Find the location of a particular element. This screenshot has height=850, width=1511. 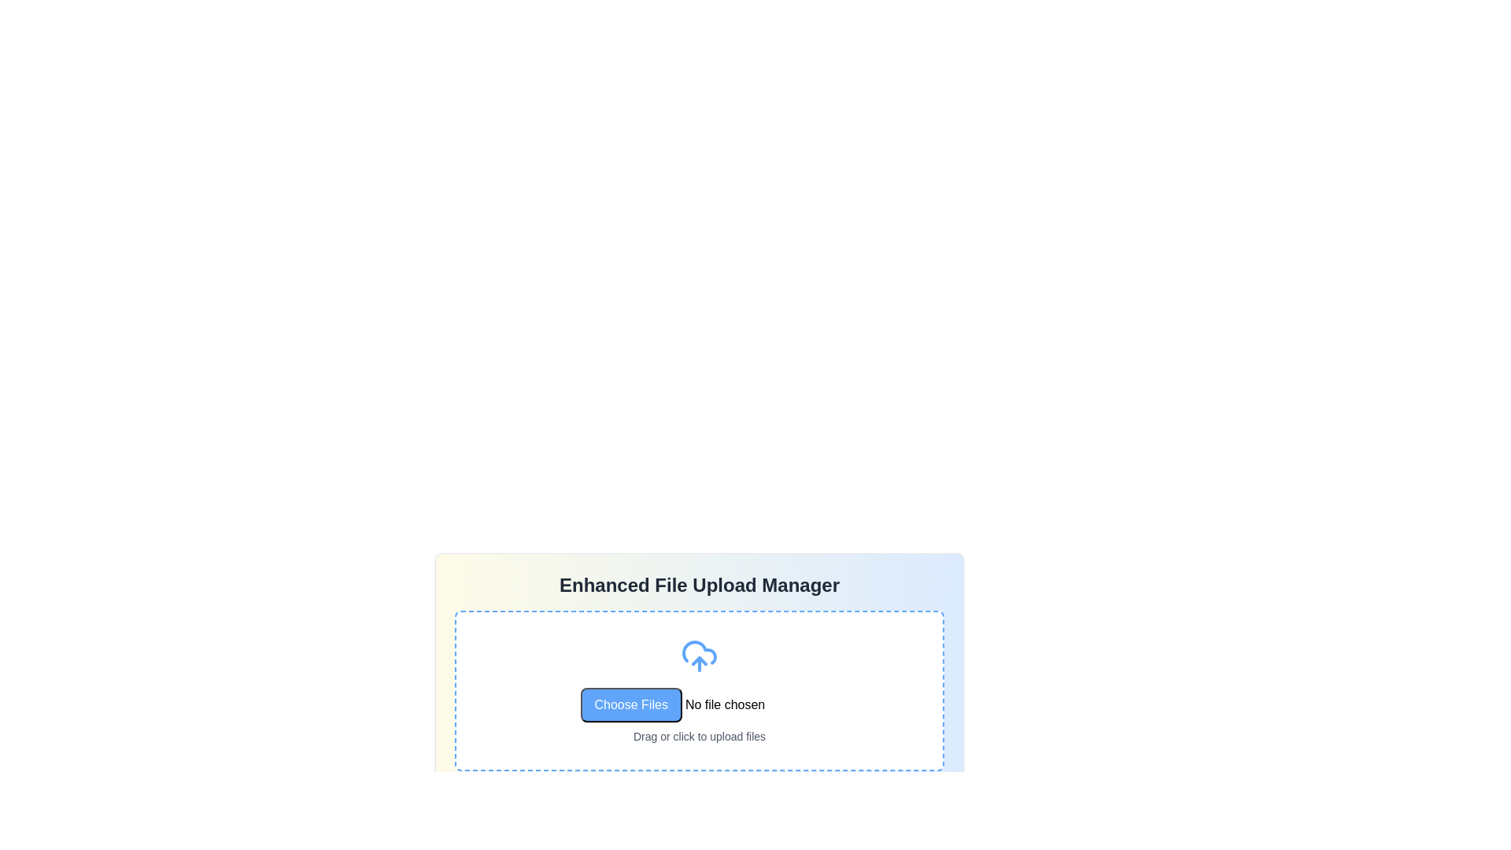

the cloud-shaped upload icon with an upward-pointing arrow, which is prominently displayed above the file input field is located at coordinates (698, 656).